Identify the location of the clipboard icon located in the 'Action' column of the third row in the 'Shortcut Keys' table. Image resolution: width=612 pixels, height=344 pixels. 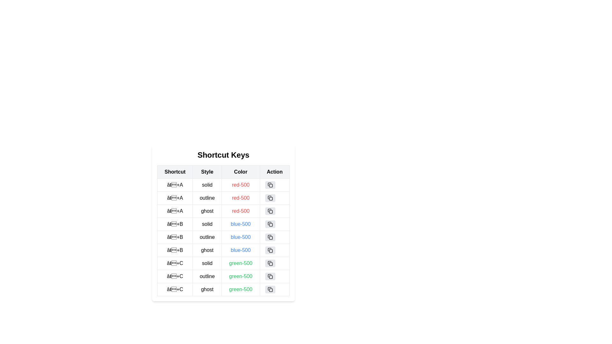
(269, 210).